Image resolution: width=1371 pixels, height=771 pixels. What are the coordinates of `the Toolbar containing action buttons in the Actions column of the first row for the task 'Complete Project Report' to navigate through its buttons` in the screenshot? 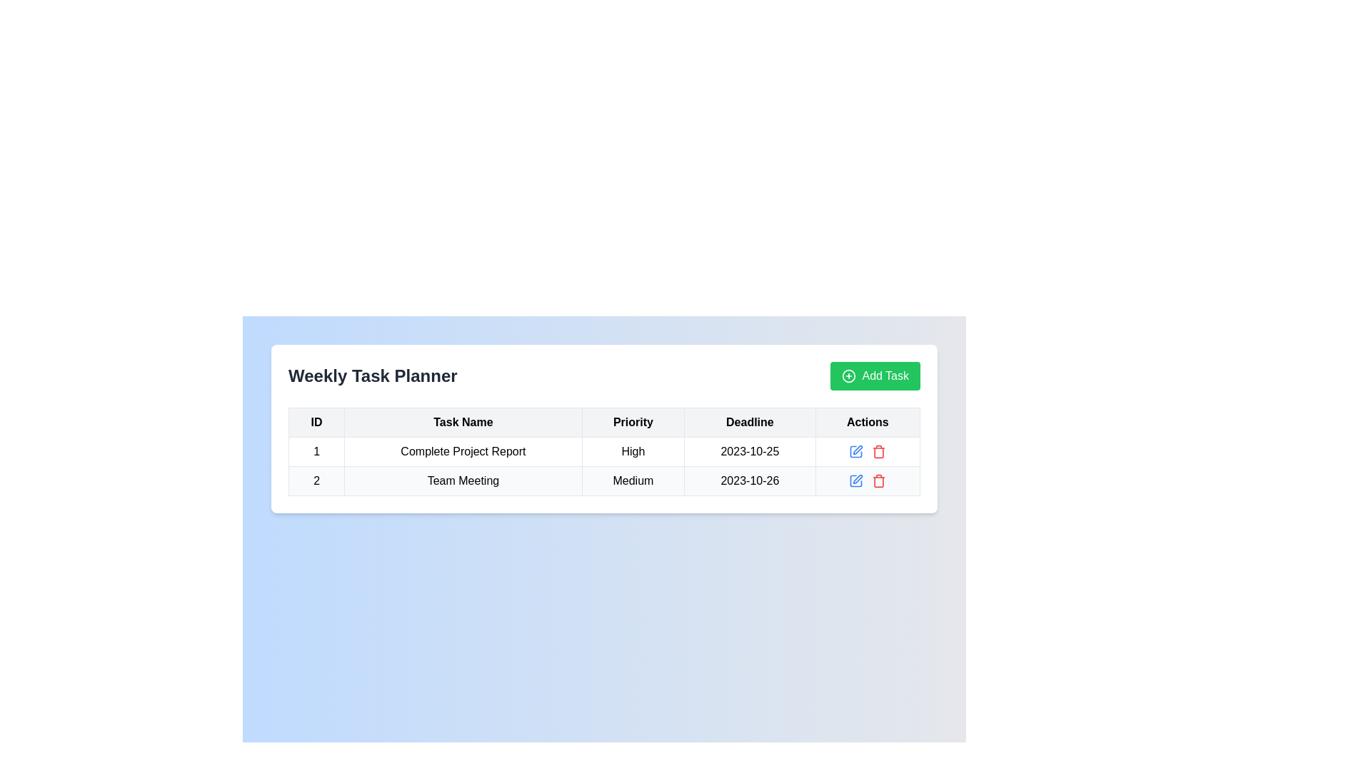 It's located at (867, 451).